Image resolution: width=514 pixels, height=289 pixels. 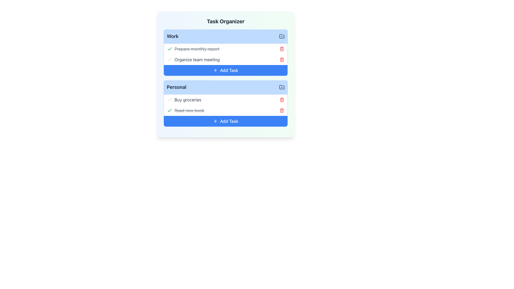 What do you see at coordinates (281, 100) in the screenshot?
I see `the red trash icon button` at bounding box center [281, 100].